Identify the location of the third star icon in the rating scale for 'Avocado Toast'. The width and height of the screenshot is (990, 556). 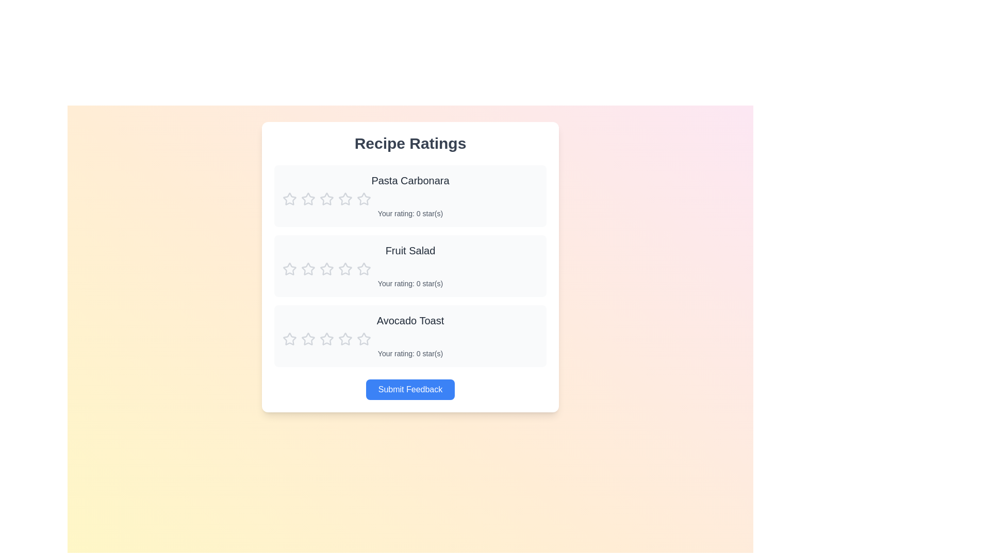
(308, 339).